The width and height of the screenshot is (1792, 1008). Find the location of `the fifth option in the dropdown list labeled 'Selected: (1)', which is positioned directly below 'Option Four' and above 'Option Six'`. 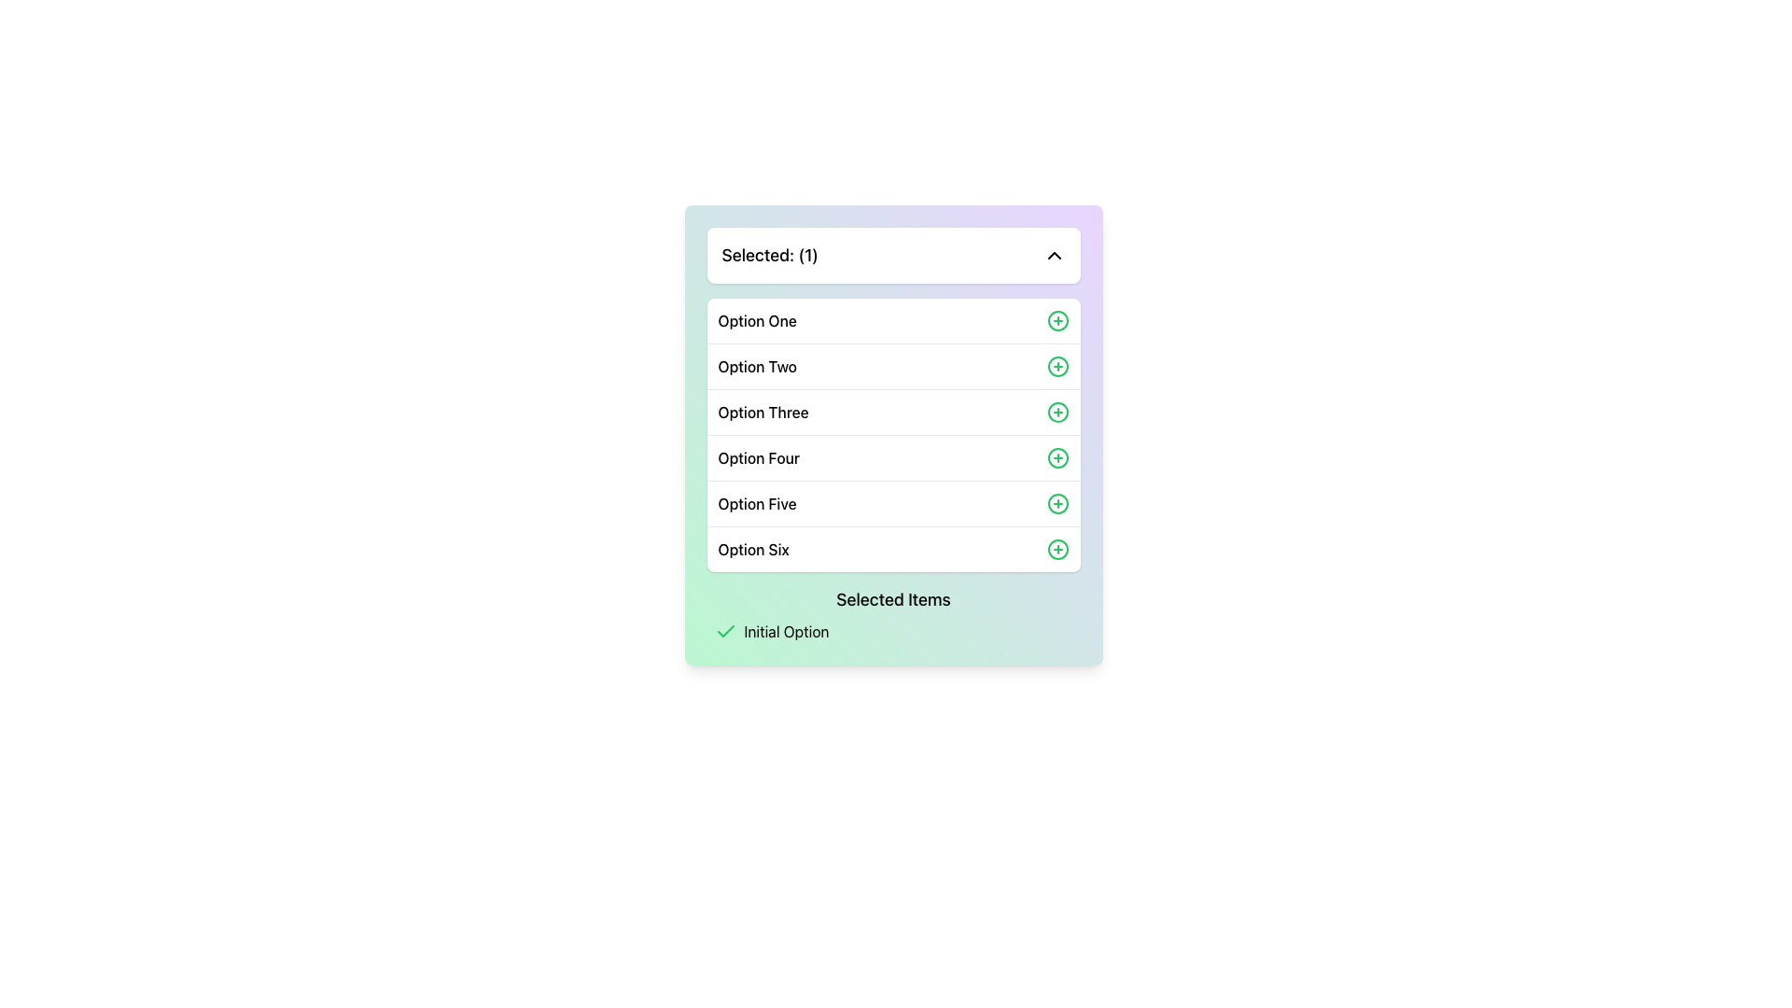

the fifth option in the dropdown list labeled 'Selected: (1)', which is positioned directly below 'Option Four' and above 'Option Six' is located at coordinates (757, 504).